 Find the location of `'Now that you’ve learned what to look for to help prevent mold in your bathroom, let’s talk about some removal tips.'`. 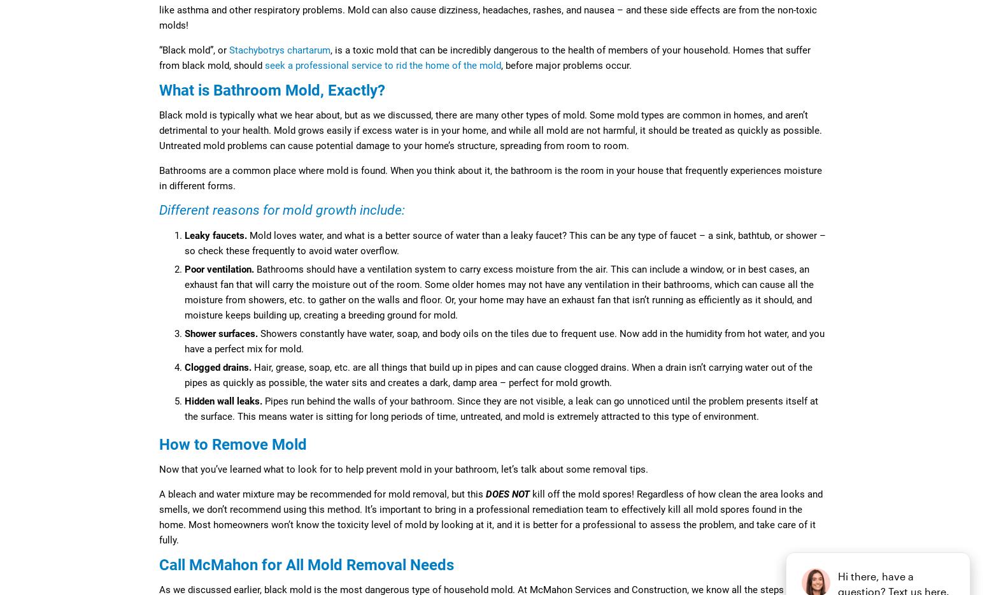

'Now that you’ve learned what to look for to help prevent mold in your bathroom, let’s talk about some removal tips.' is located at coordinates (159, 470).